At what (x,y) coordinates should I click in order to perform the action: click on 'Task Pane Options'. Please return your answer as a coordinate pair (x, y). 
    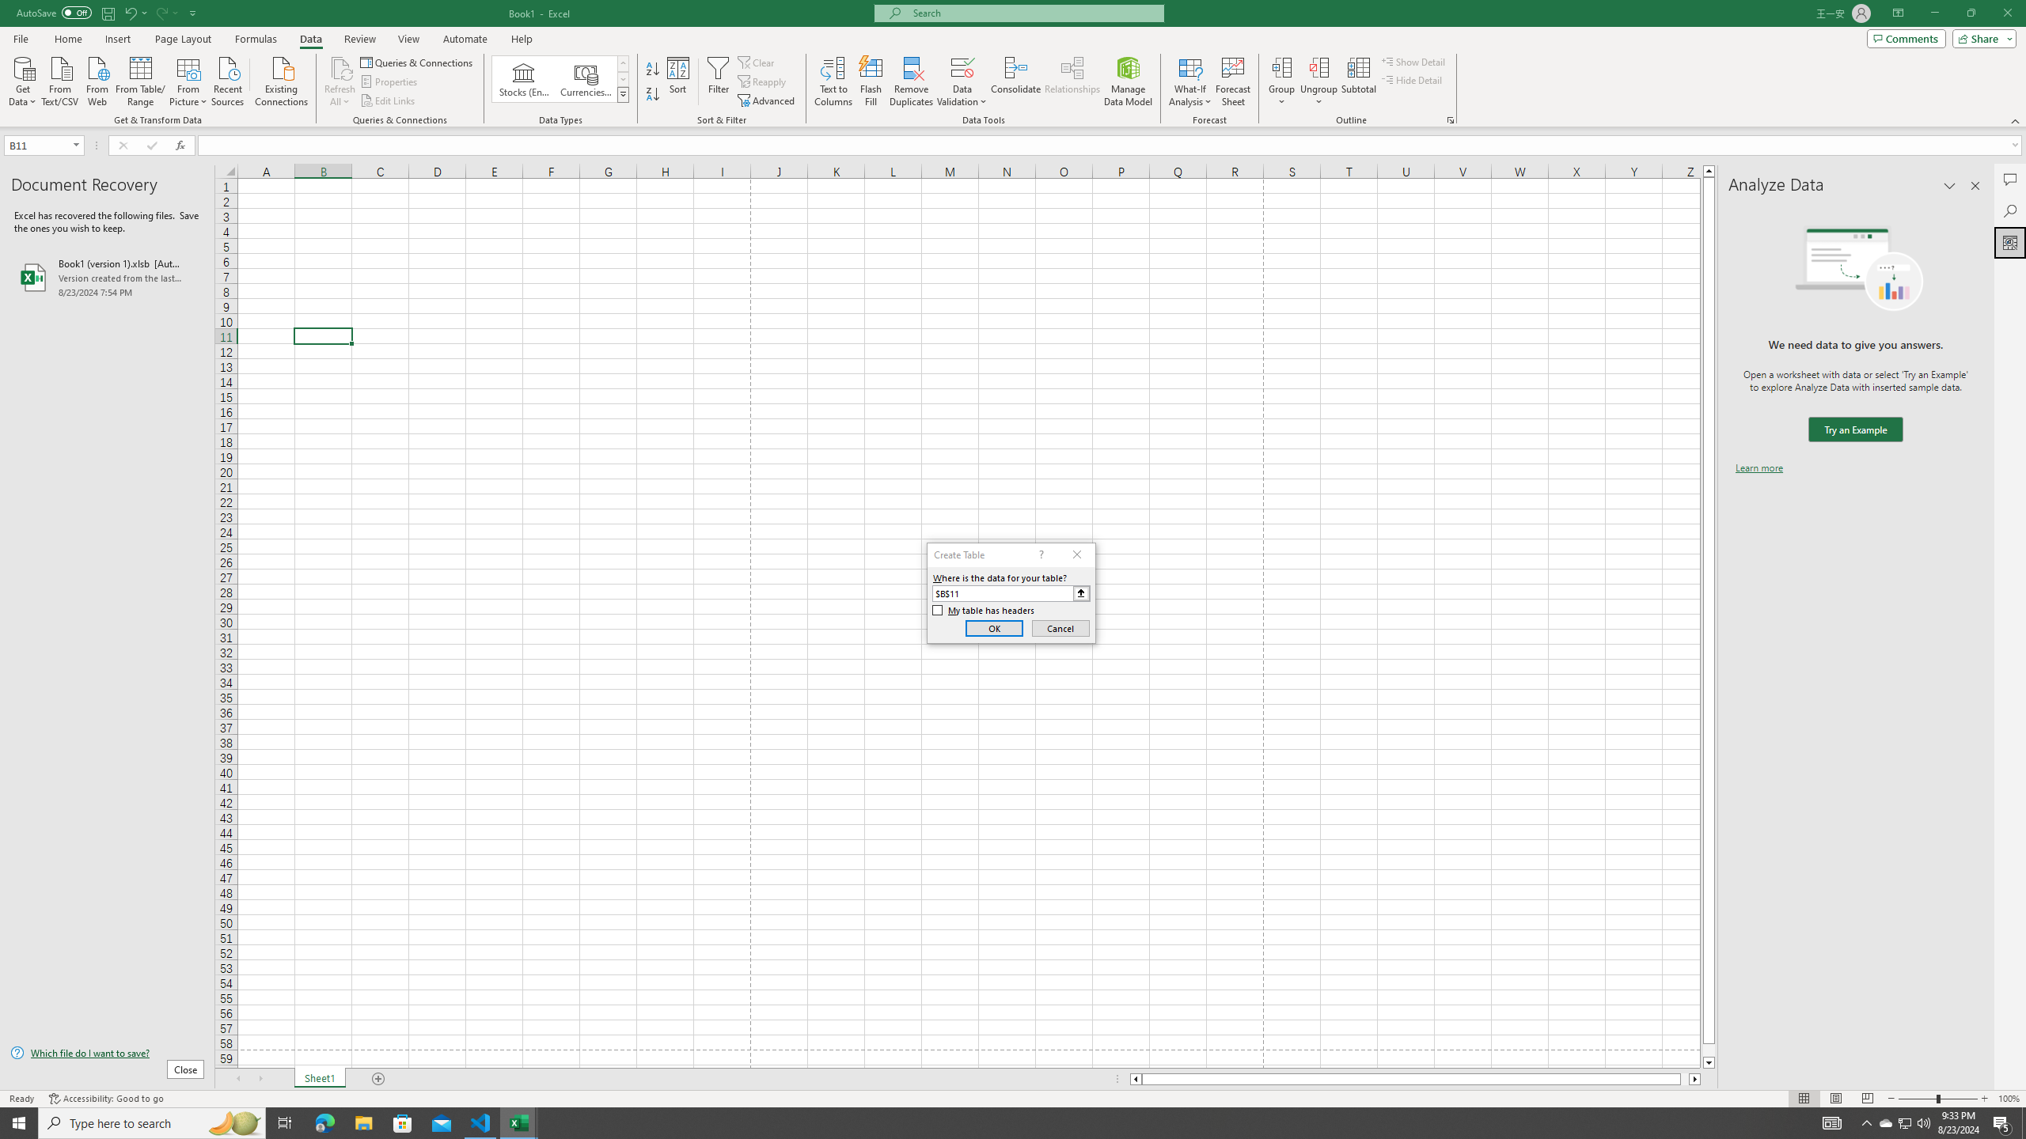
    Looking at the image, I should click on (1949, 185).